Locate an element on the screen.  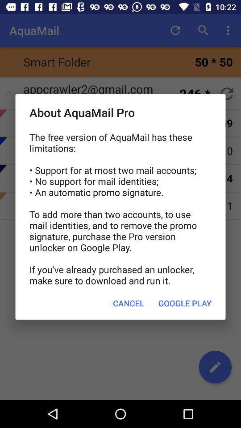
the google play button is located at coordinates (184, 303).